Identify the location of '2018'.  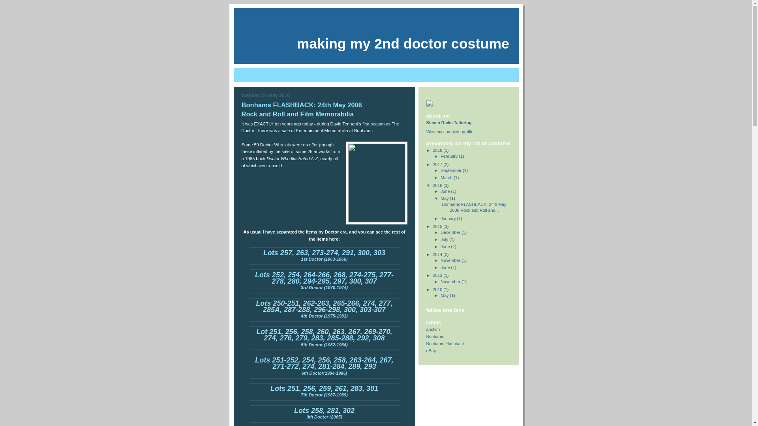
(437, 150).